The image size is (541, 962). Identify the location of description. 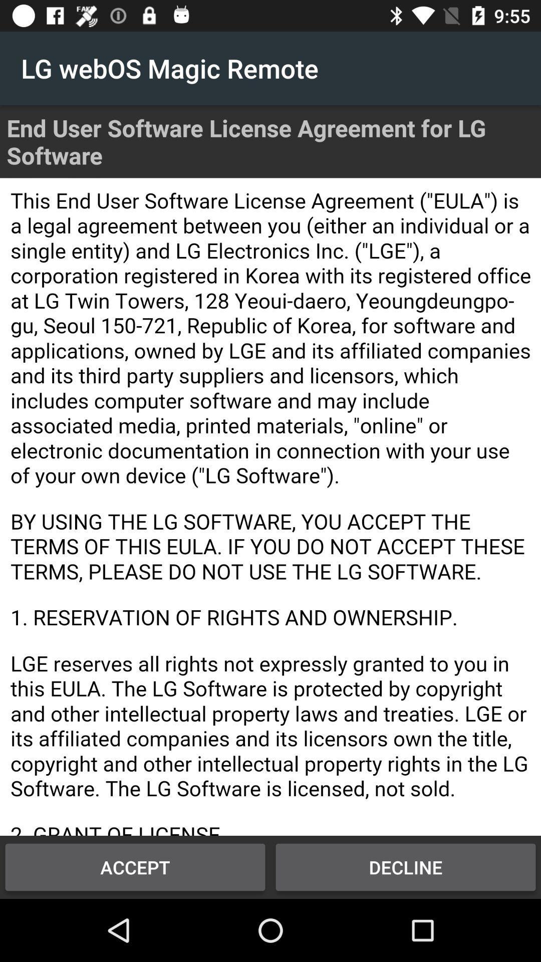
(270, 507).